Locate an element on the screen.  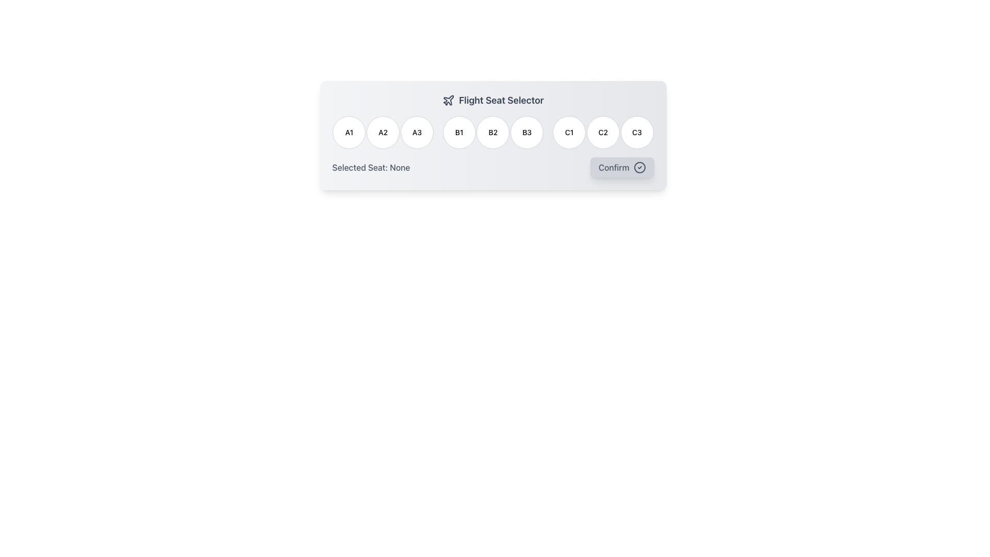
the 'Confirm' button, which is a rectangular button with rounded corners, grey tone, shadow effect, and contains a check mark icon is located at coordinates (621, 167).